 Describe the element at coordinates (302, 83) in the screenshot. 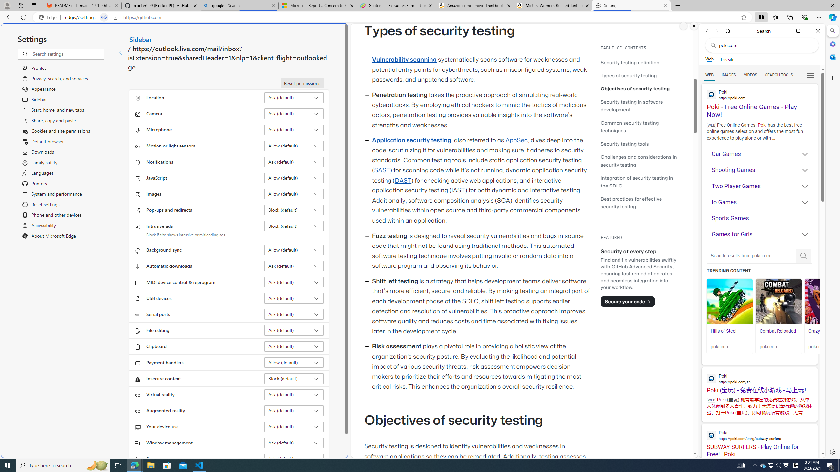

I see `'Reset permissions'` at that location.